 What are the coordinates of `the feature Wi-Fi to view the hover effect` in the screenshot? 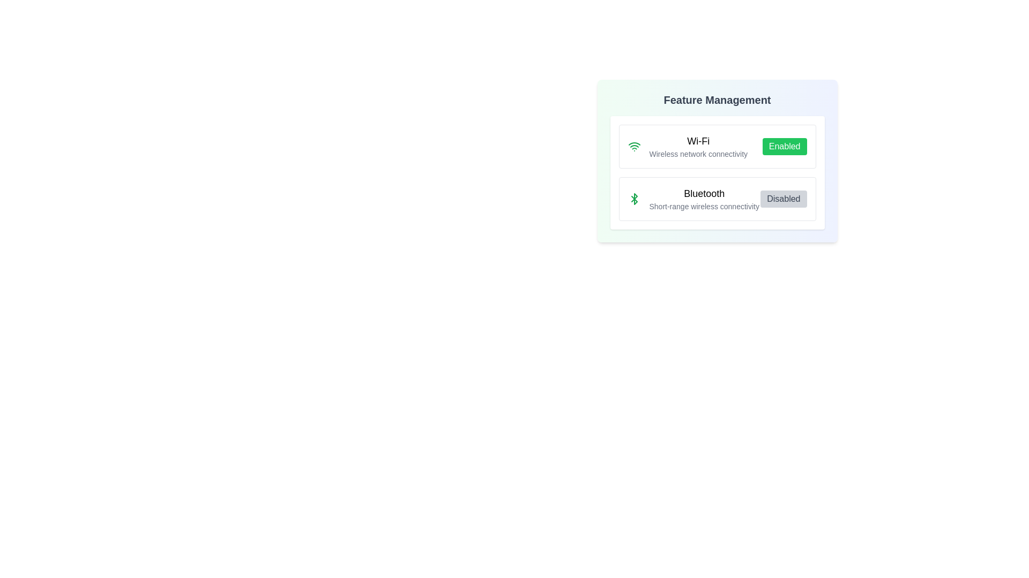 It's located at (717, 146).